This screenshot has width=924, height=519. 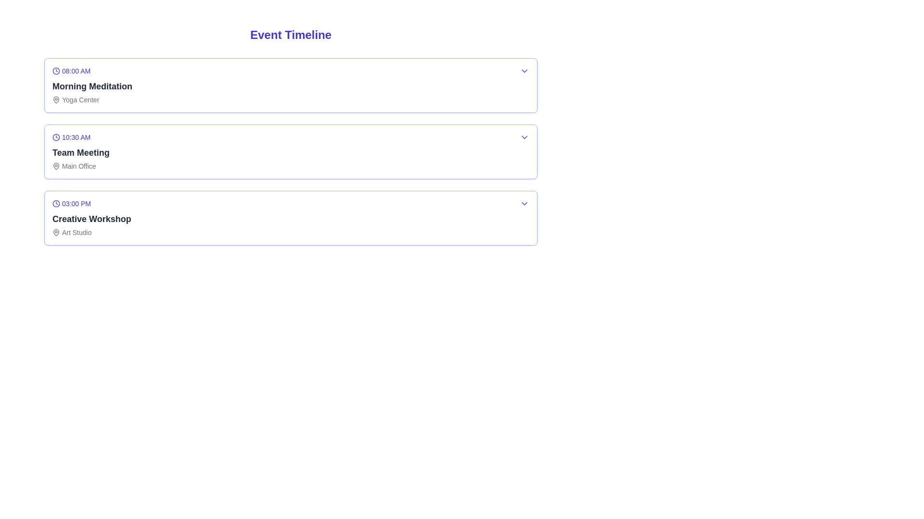 I want to click on the 'Team Meeting' text label, which is styled with a larger bold font and dark gray color, positioned below '10:30 AM' and above 'Main Office' in the second event block, so click(x=81, y=152).